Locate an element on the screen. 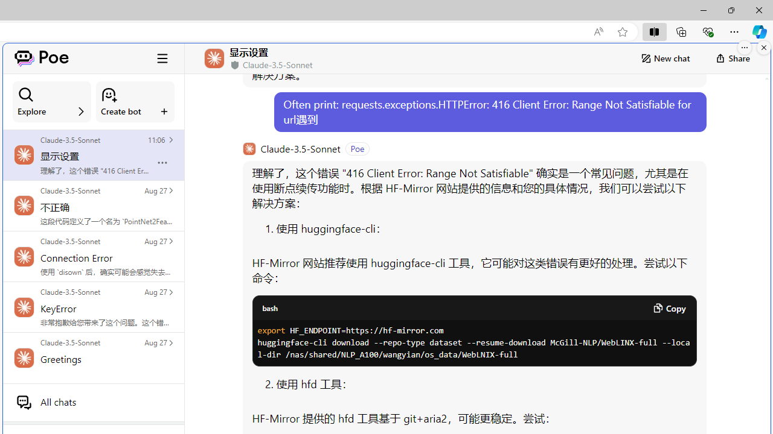 Image resolution: width=773 pixels, height=434 pixels. 'Add this page to favorites (Ctrl+D)' is located at coordinates (623, 31).